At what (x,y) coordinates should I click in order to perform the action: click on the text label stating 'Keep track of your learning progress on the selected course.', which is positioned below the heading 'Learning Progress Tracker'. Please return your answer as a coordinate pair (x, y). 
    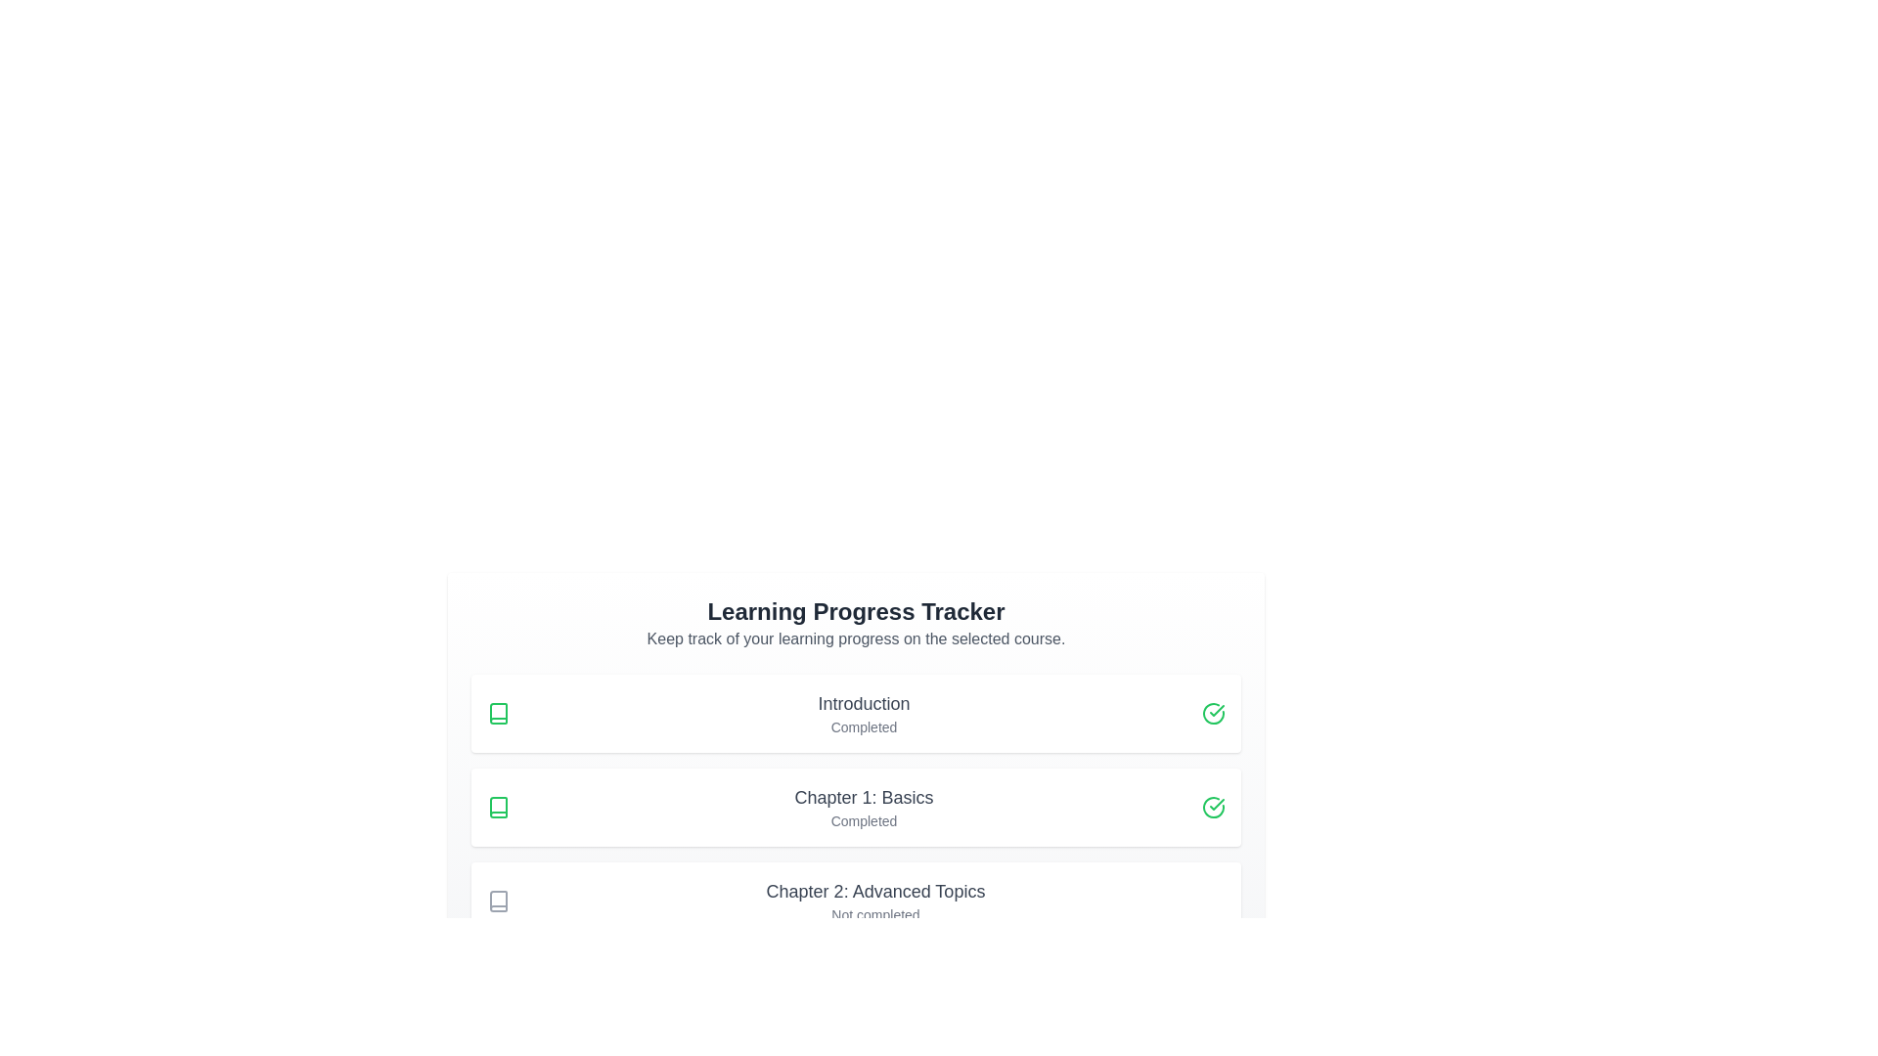
    Looking at the image, I should click on (856, 639).